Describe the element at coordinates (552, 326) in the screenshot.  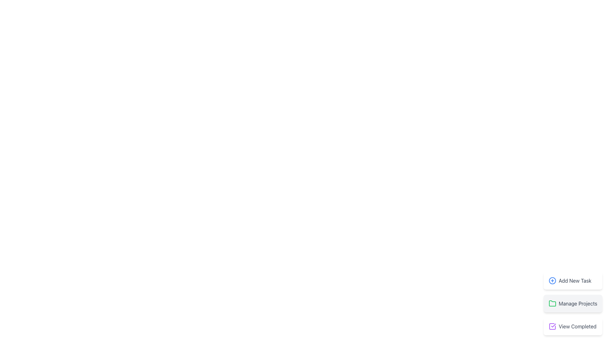
I see `the rectangular icon with a purple outline and a check mark inside, located in the right-side column of options, beneath 'Manage Projects' and above 'View Completed'` at that location.